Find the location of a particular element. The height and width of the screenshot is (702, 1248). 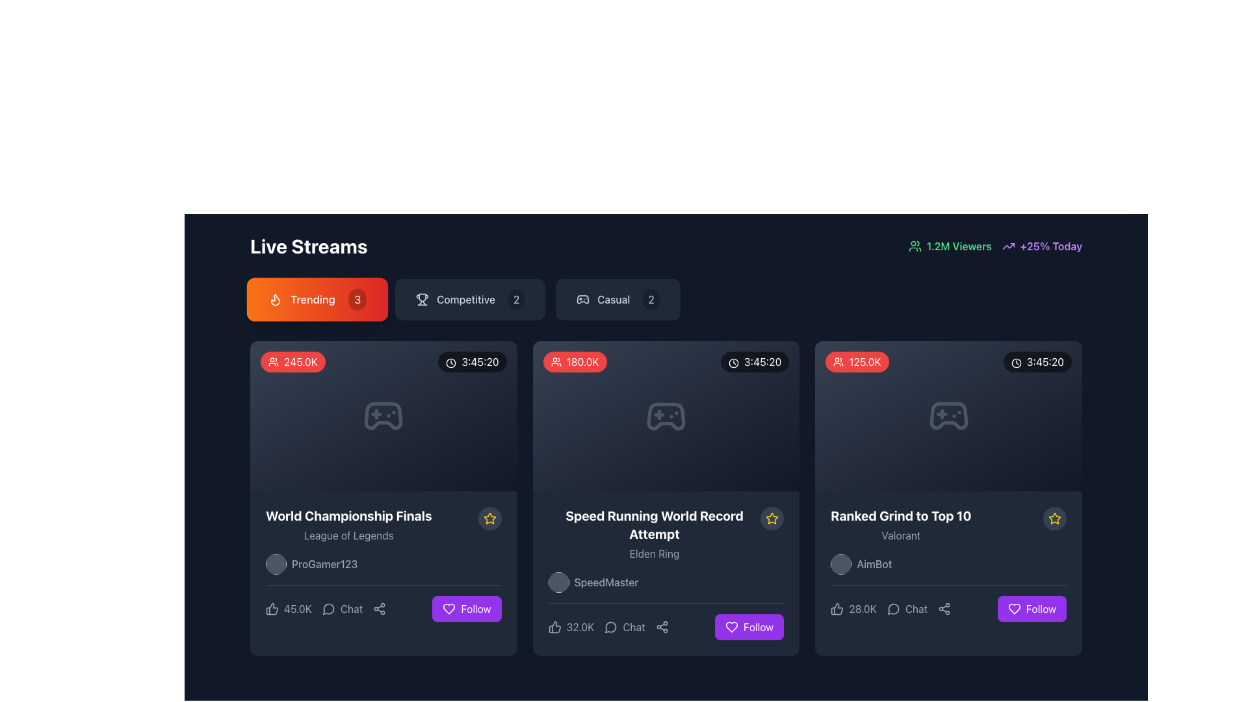

the decorative icon in the 'Speed Running World Record Attempt' tile, located in the center of the grid tile in the top row of live stream options is located at coordinates (666, 416).